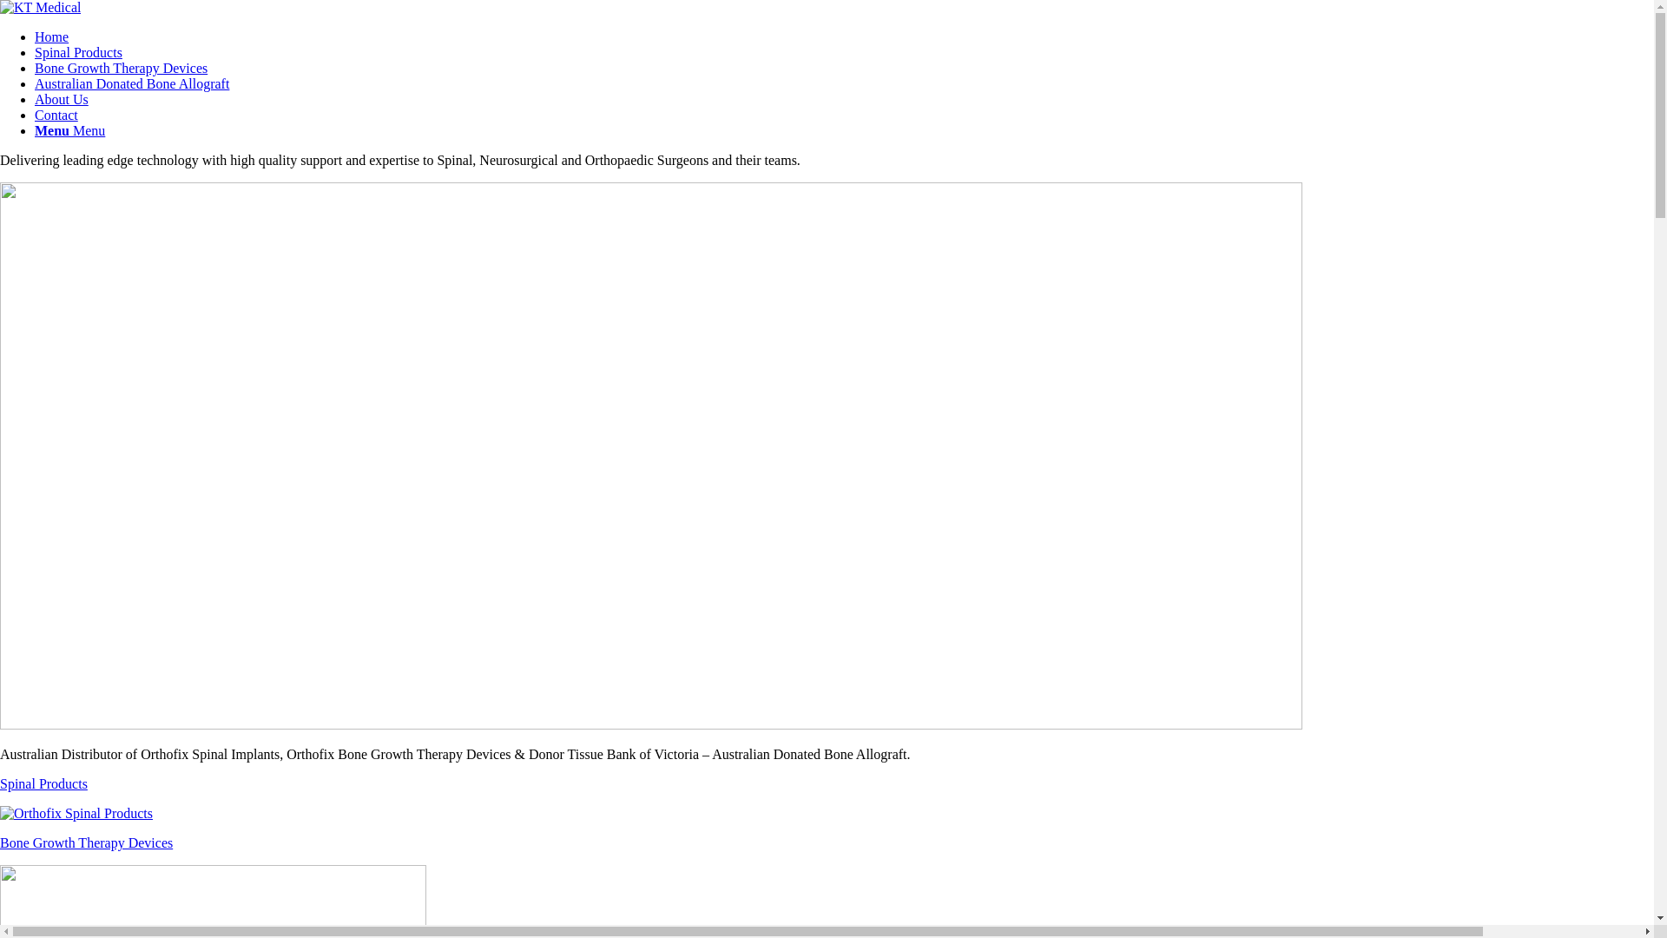 The height and width of the screenshot is (938, 1667). What do you see at coordinates (56, 115) in the screenshot?
I see `'Contact'` at bounding box center [56, 115].